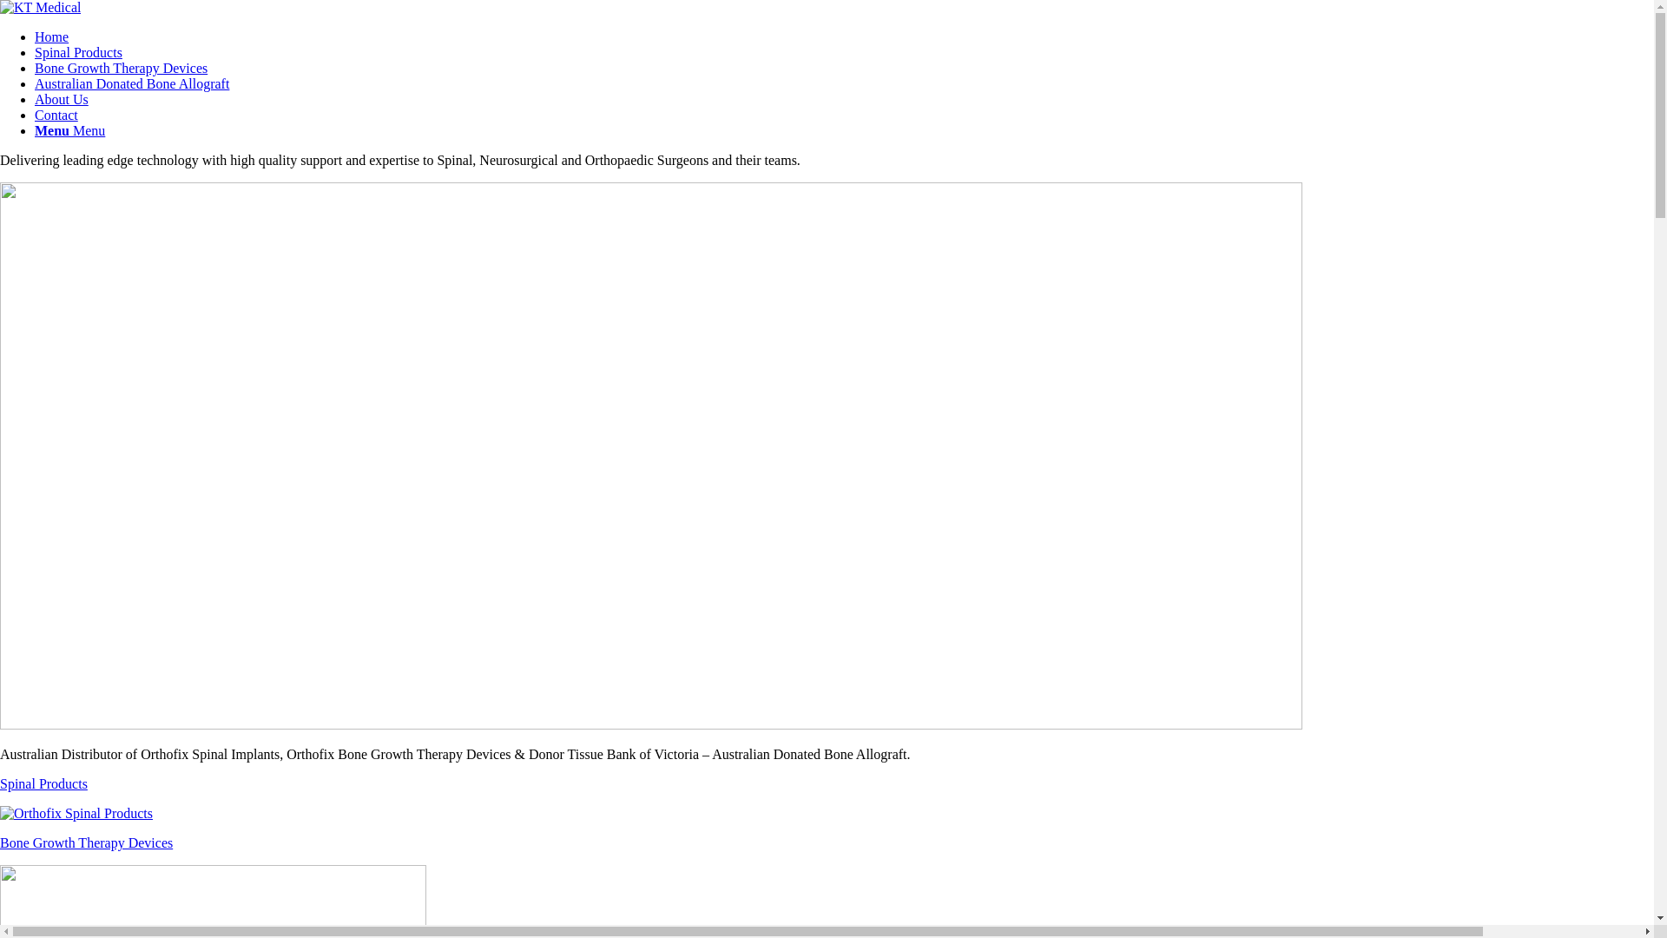 The height and width of the screenshot is (938, 1667). What do you see at coordinates (56, 115) in the screenshot?
I see `'Contact'` at bounding box center [56, 115].